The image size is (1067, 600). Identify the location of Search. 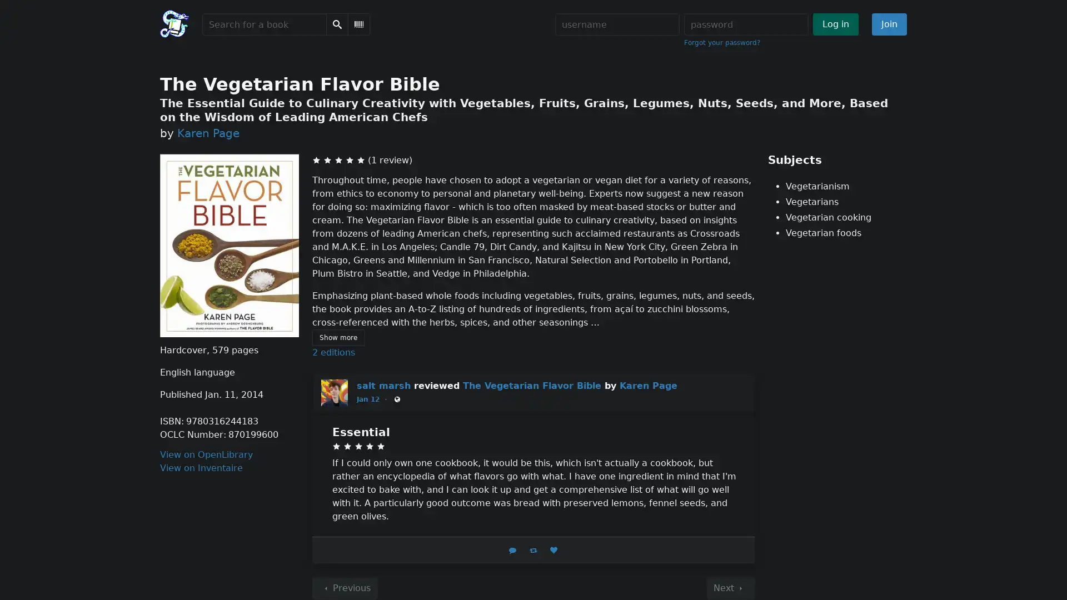
(336, 24).